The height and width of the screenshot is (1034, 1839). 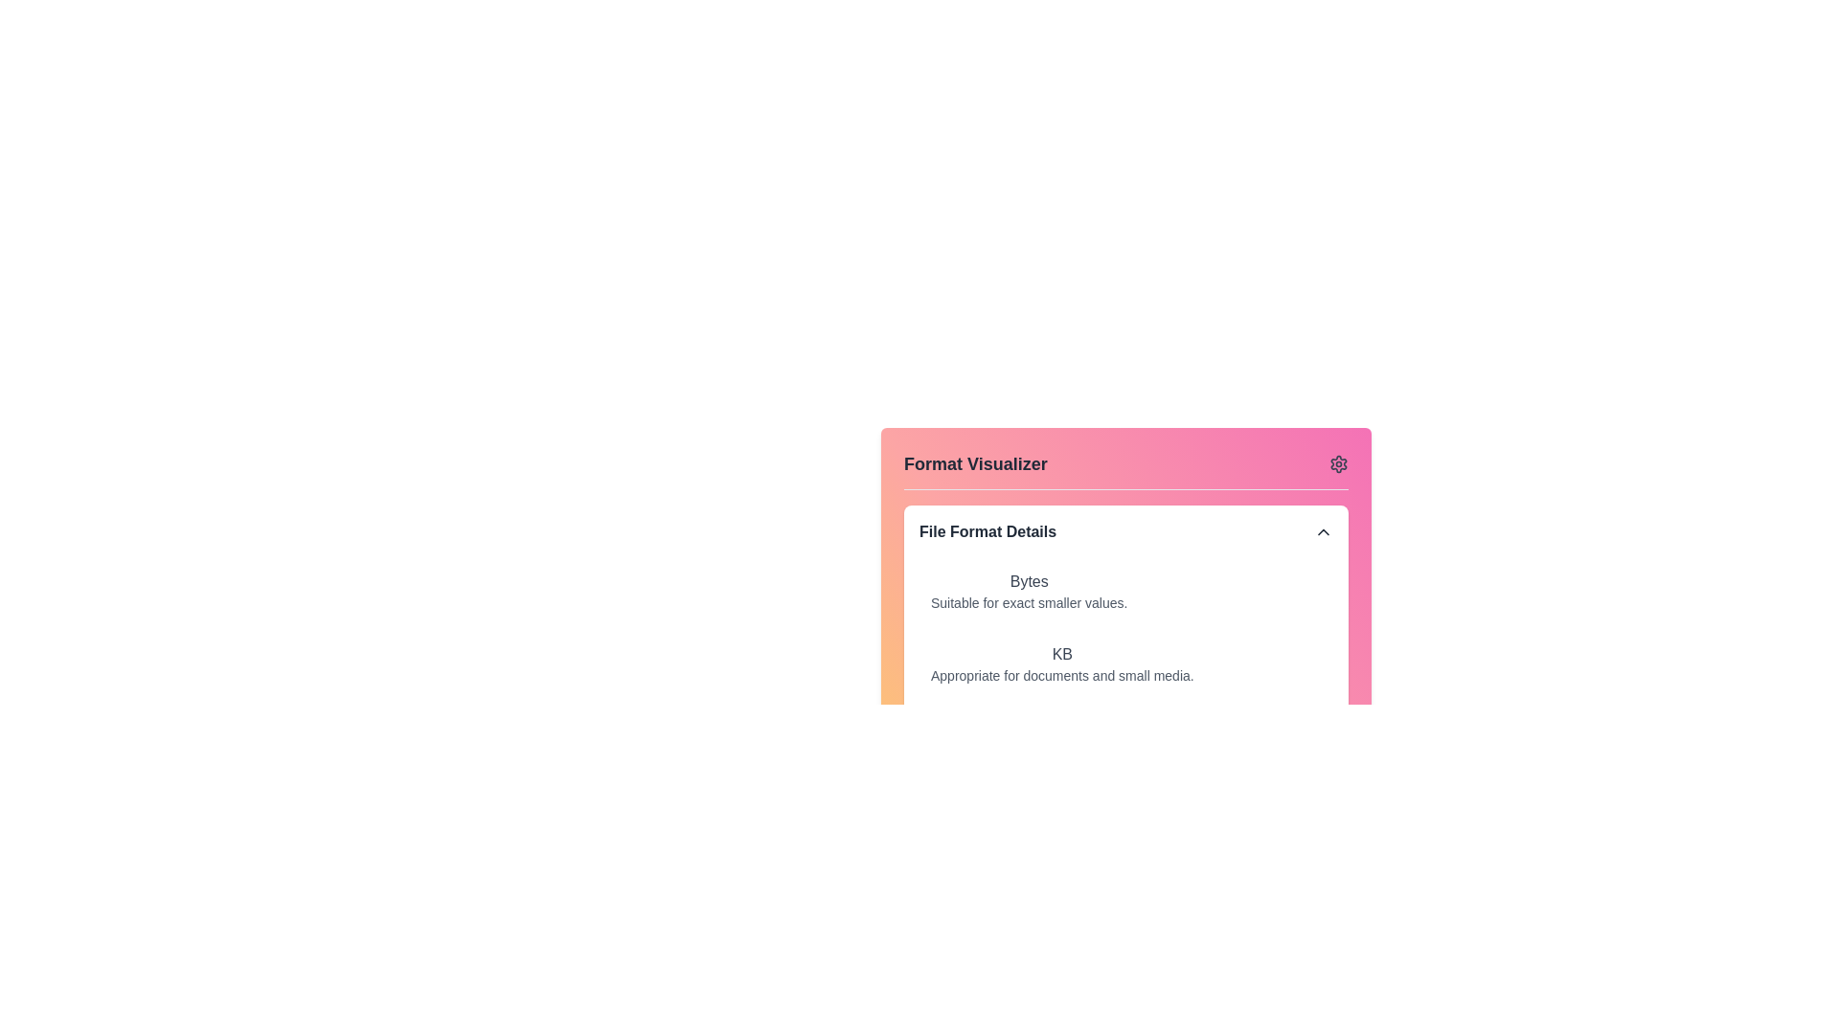 What do you see at coordinates (1126, 590) in the screenshot?
I see `the first selectable list item representing the unit 'Bytes' in the storage unit options list` at bounding box center [1126, 590].